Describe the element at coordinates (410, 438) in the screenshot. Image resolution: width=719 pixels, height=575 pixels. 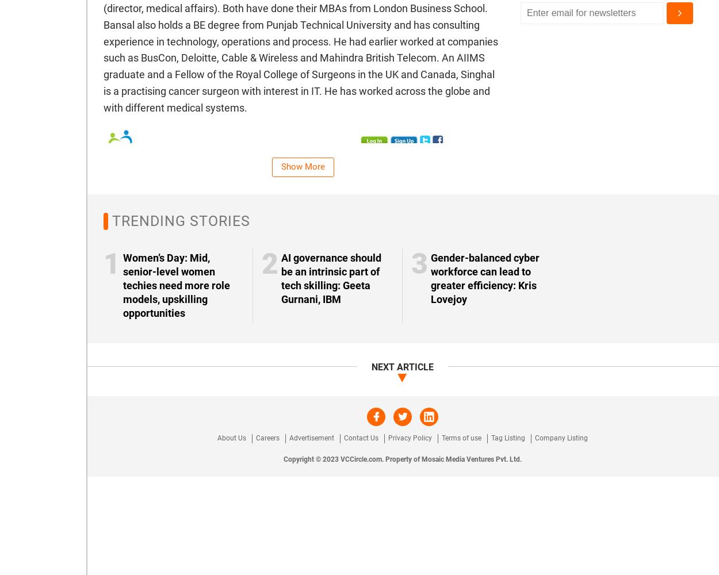
I see `'Privacy Policy'` at that location.